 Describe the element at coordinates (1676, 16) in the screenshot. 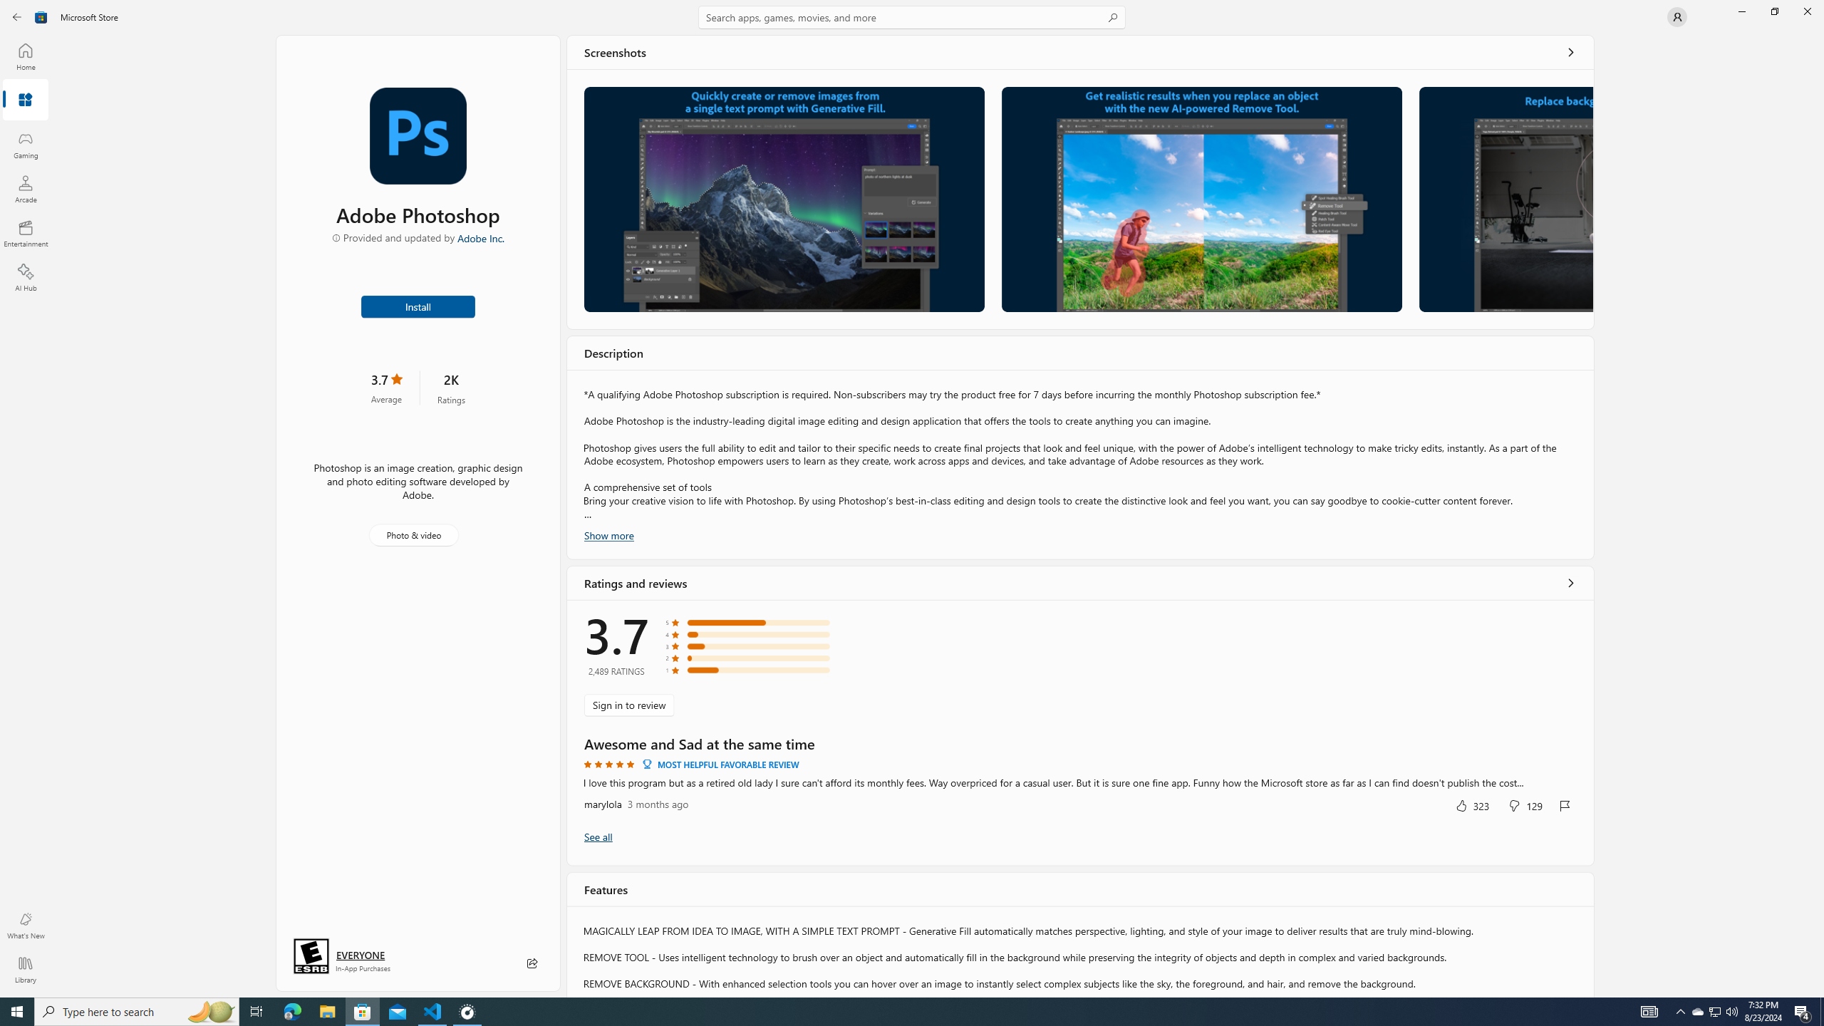

I see `'User profile'` at that location.